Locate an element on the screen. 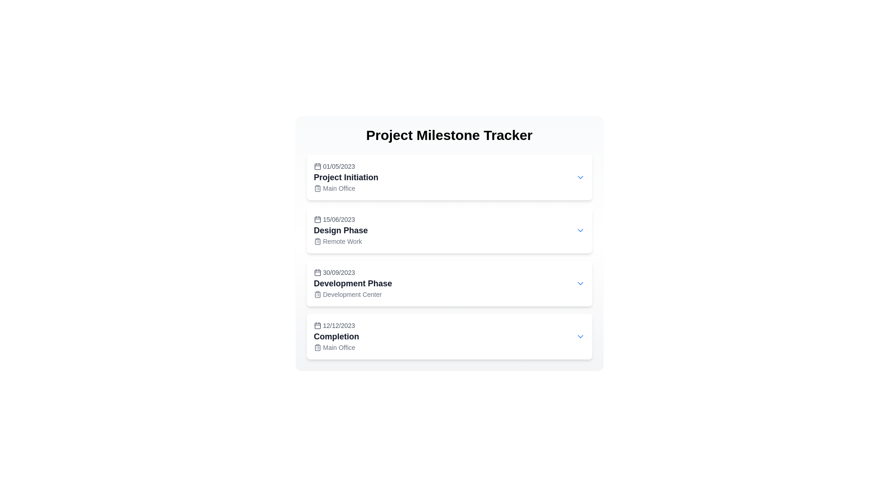 Image resolution: width=879 pixels, height=494 pixels. information from the text block titled 'Development Phase', which includes the date '30/09/2023' and location 'Development Center' is located at coordinates (353, 283).